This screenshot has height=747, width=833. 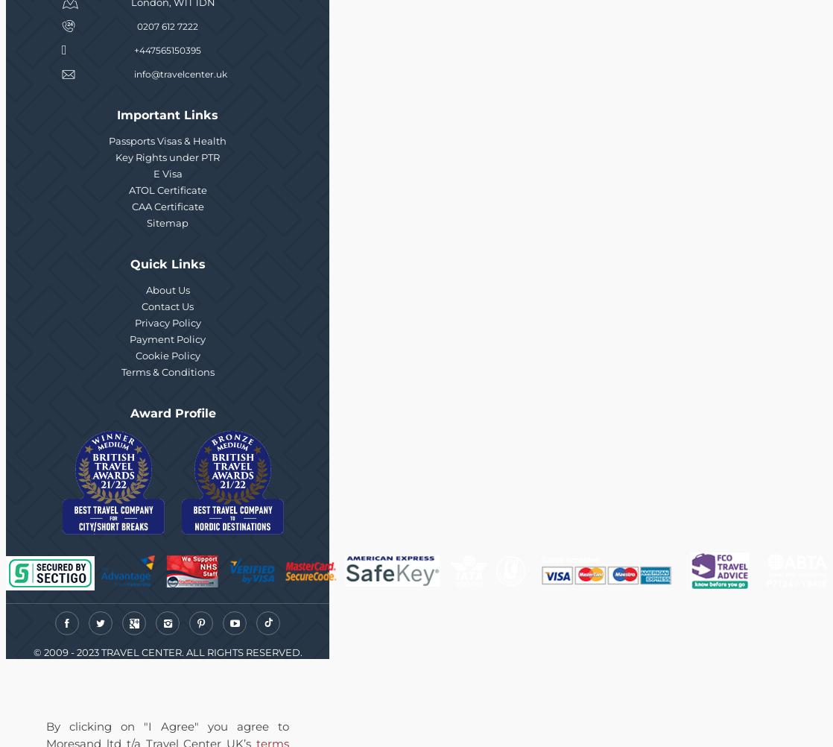 What do you see at coordinates (135, 354) in the screenshot?
I see `'Cookie Policy'` at bounding box center [135, 354].